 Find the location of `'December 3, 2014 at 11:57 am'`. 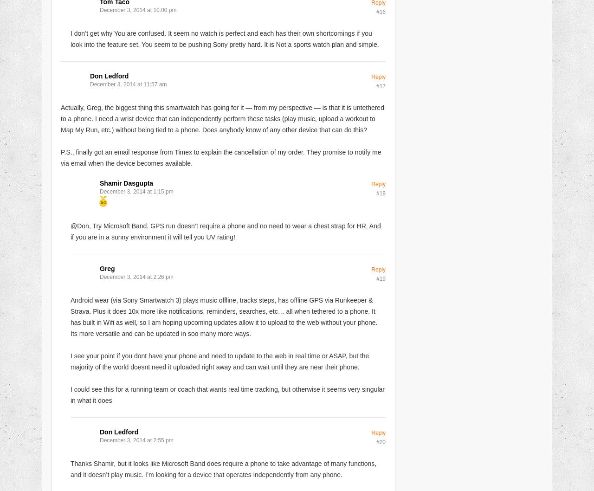

'December 3, 2014 at 11:57 am' is located at coordinates (90, 84).